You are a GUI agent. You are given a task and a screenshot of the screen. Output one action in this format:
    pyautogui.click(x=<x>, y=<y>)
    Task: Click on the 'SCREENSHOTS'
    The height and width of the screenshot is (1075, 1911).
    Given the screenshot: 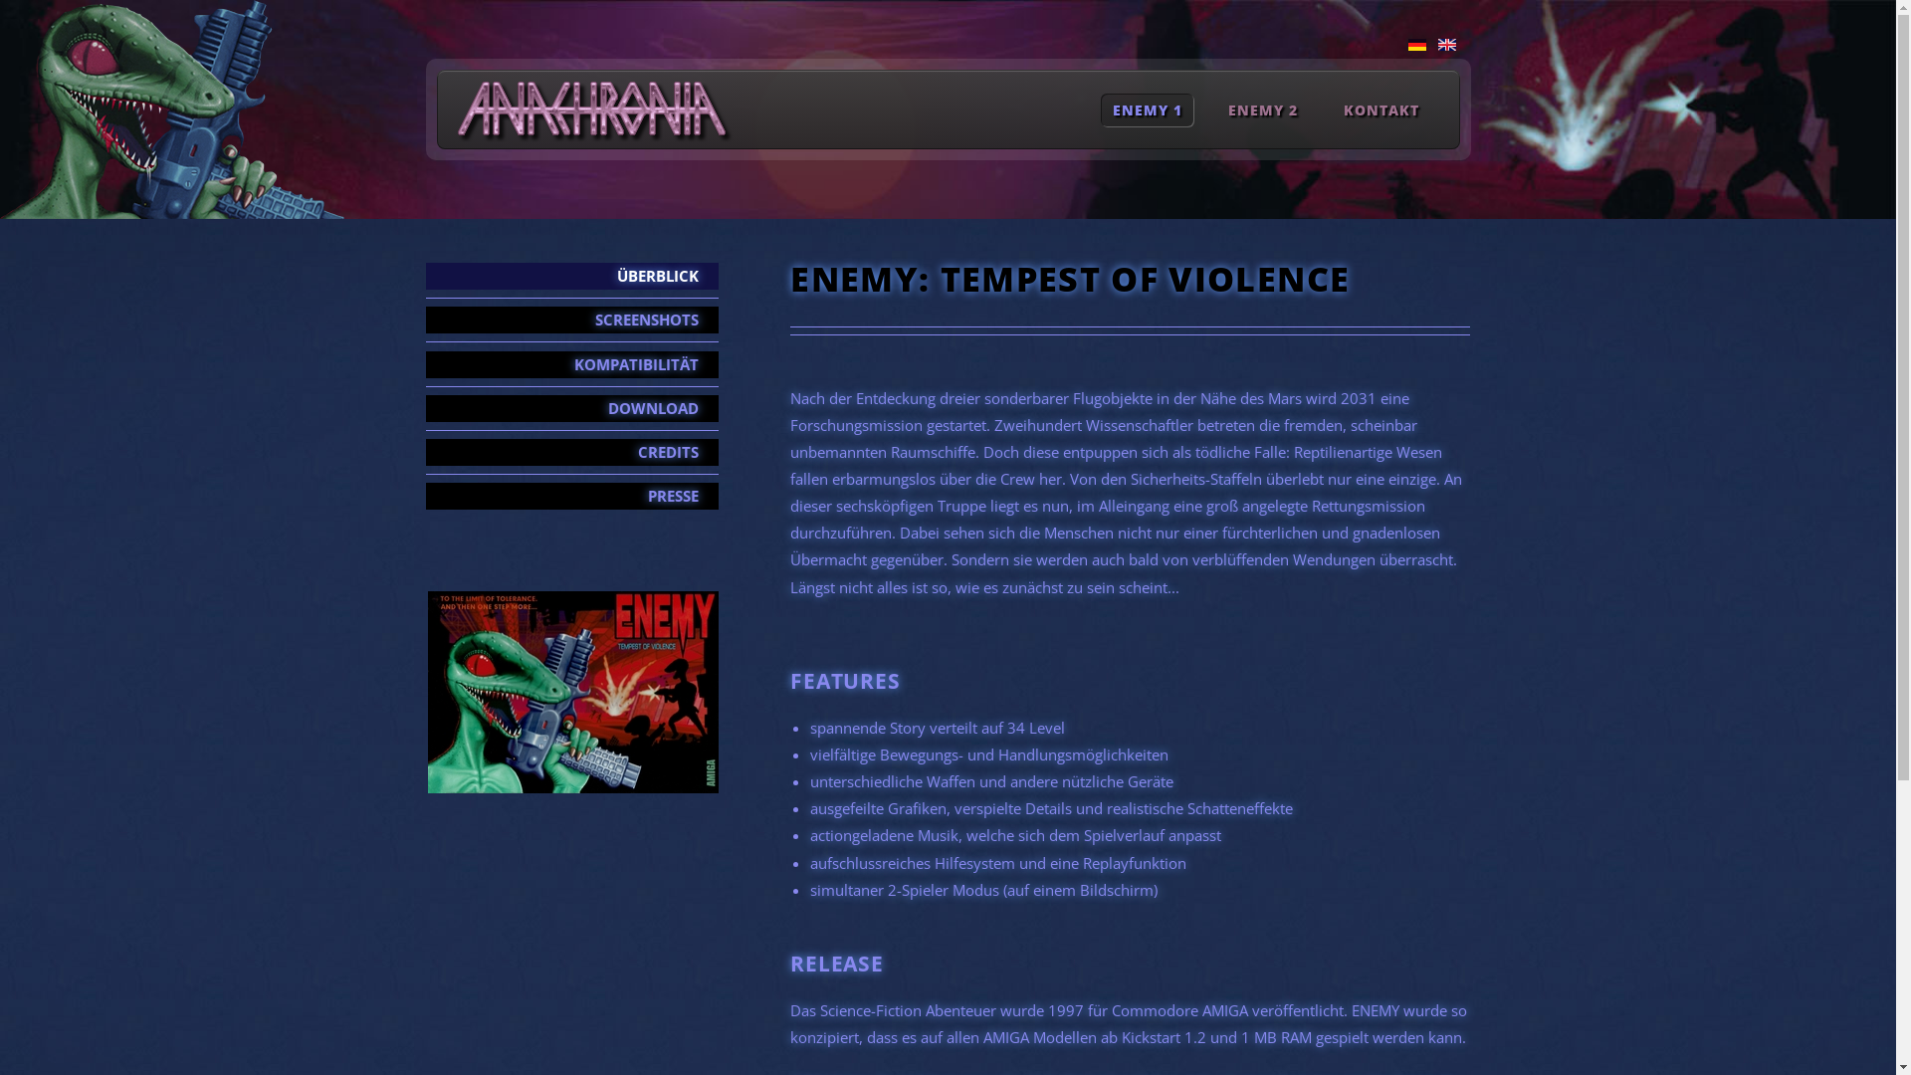 What is the action you would take?
    pyautogui.click(x=571, y=319)
    